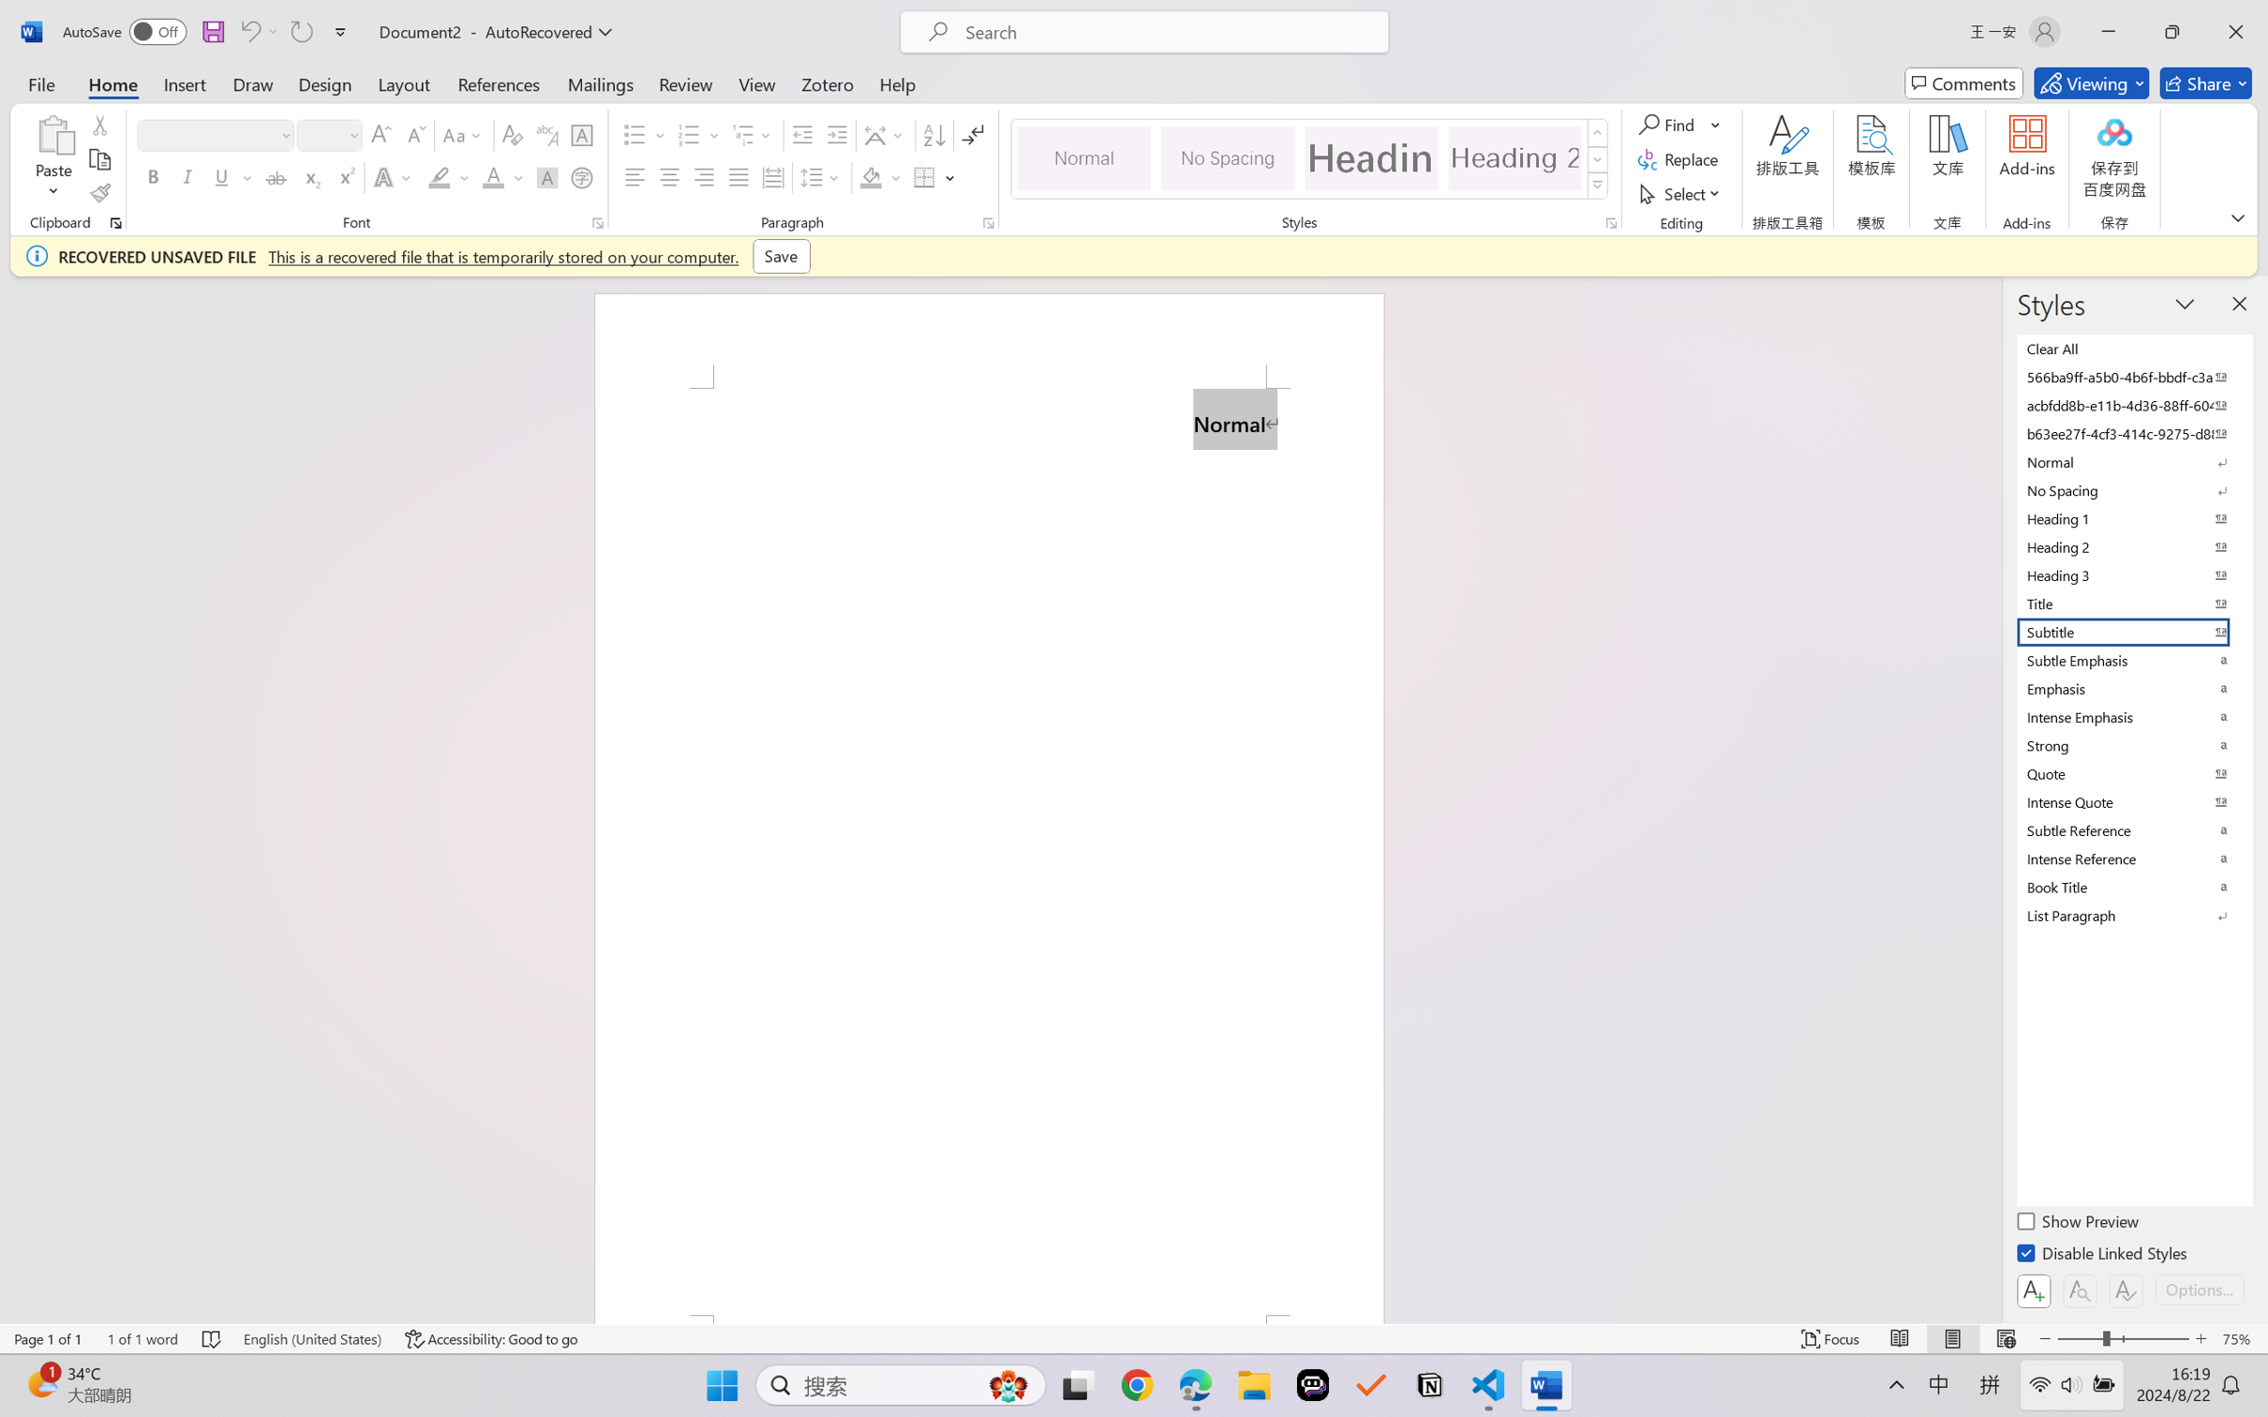  Describe the element at coordinates (2132, 887) in the screenshot. I see `'Book Title'` at that location.